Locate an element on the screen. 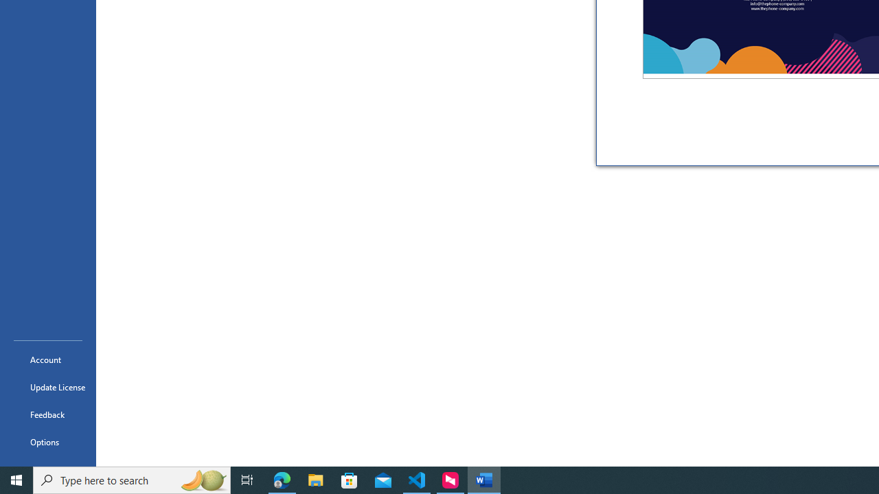  'File Explorer' is located at coordinates (315, 479).